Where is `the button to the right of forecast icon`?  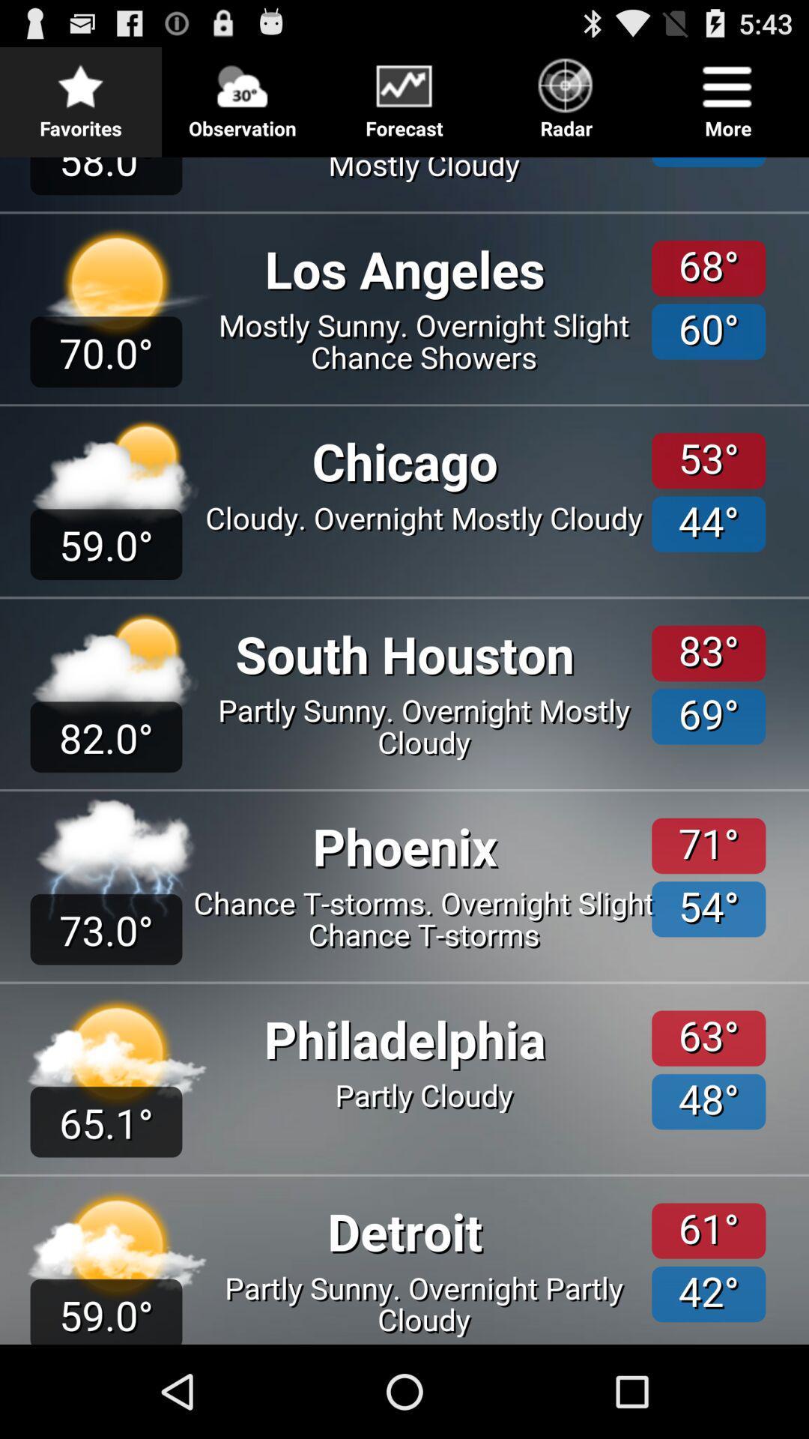
the button to the right of forecast icon is located at coordinates (566, 93).